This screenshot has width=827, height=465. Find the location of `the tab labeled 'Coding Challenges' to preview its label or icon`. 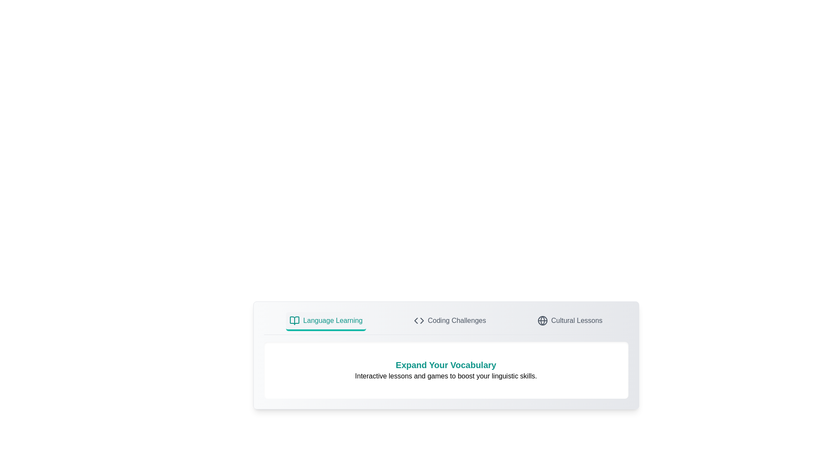

the tab labeled 'Coding Challenges' to preview its label or icon is located at coordinates (450, 322).